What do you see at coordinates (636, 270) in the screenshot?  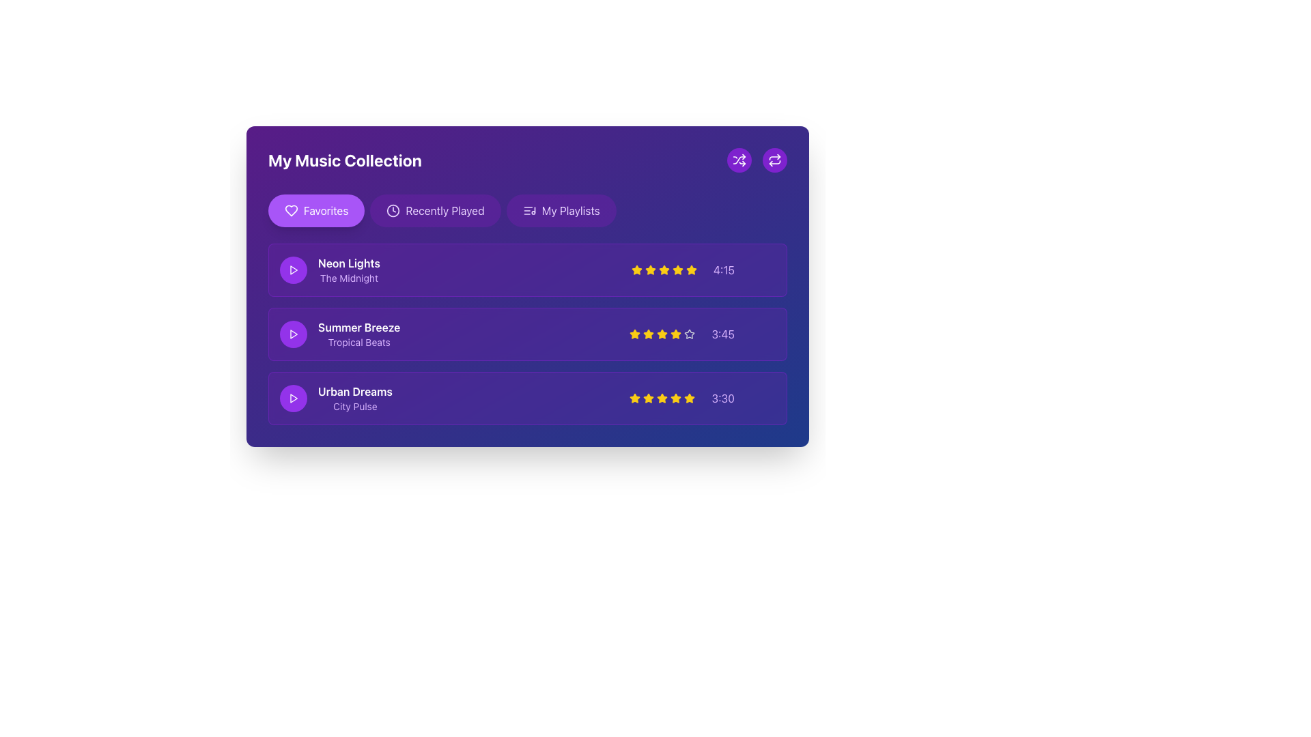 I see `the first star symbol in the rating component of the playlist entry labeled 'Neon Lights'` at bounding box center [636, 270].